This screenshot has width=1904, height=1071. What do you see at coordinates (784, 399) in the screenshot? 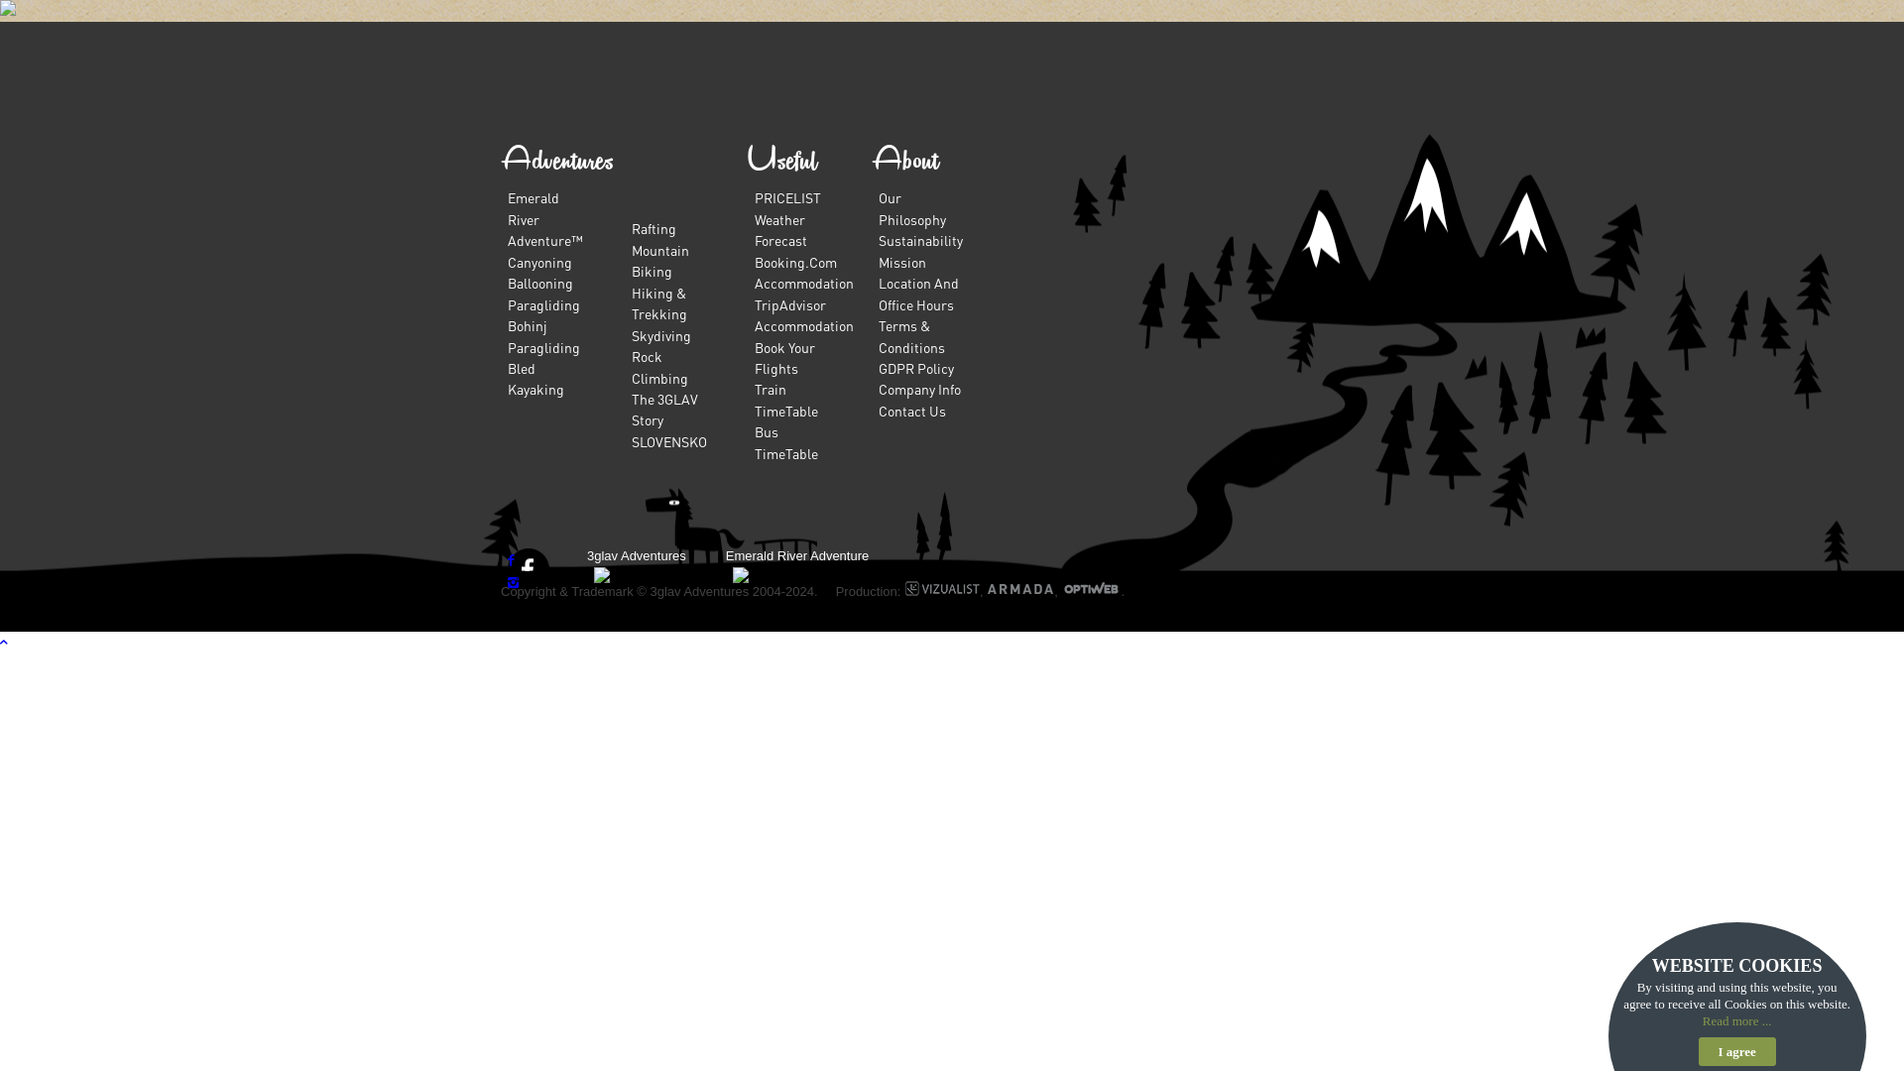
I see `'Train TimeTable'` at bounding box center [784, 399].